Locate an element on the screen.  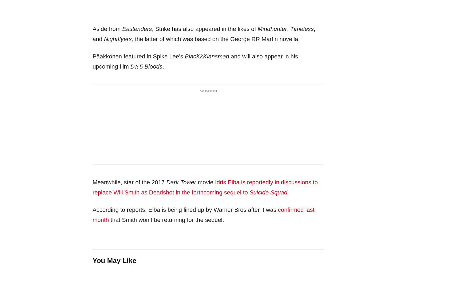
'Aside from' is located at coordinates (107, 29).